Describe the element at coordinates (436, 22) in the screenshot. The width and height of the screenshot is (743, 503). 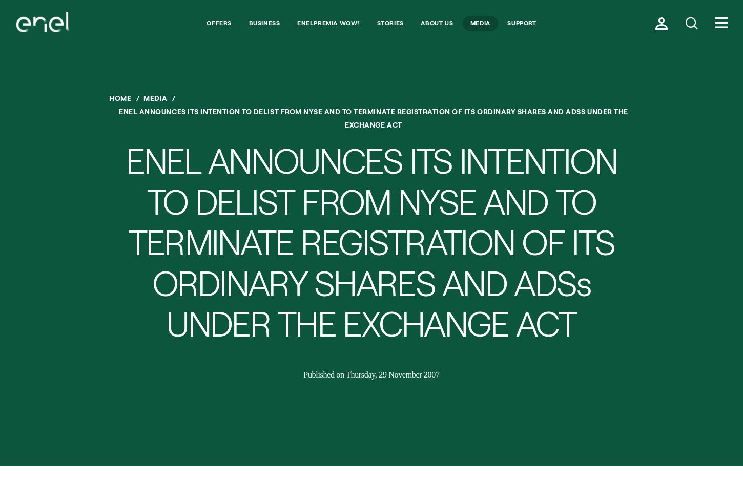
I see `'About us'` at that location.